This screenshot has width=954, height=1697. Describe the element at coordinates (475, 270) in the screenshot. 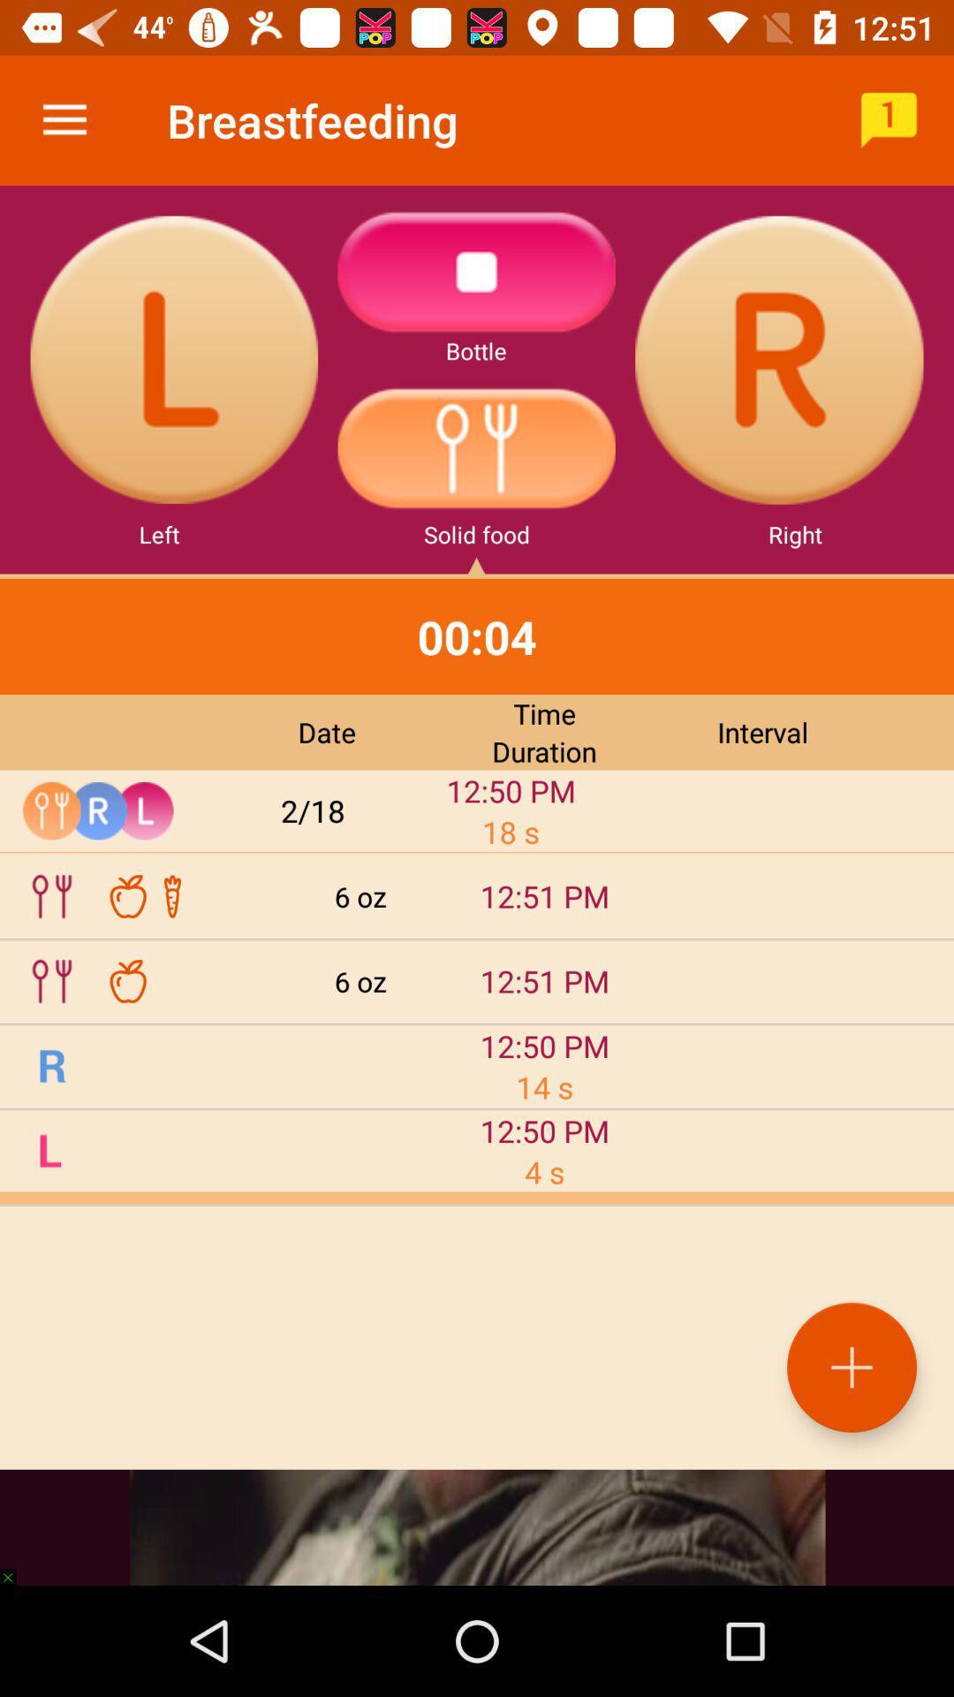

I see `the warning icon` at that location.